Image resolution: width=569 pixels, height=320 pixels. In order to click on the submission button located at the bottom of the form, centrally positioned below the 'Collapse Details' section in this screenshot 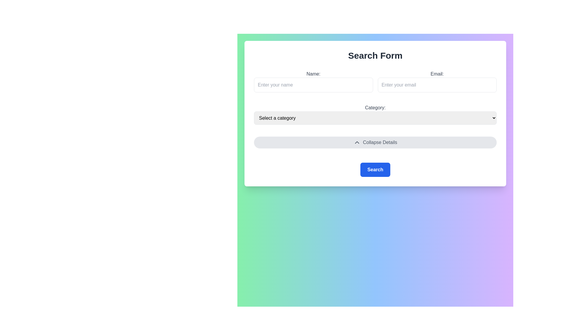, I will do `click(375, 170)`.